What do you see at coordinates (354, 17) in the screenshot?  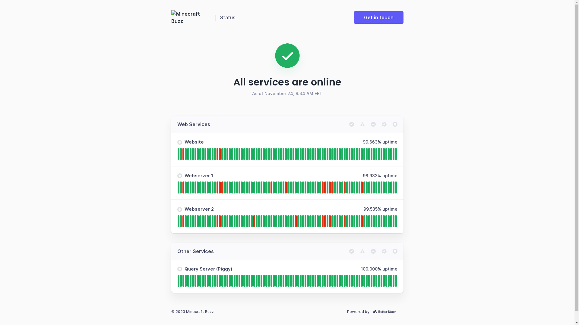 I see `'Get in touch'` at bounding box center [354, 17].